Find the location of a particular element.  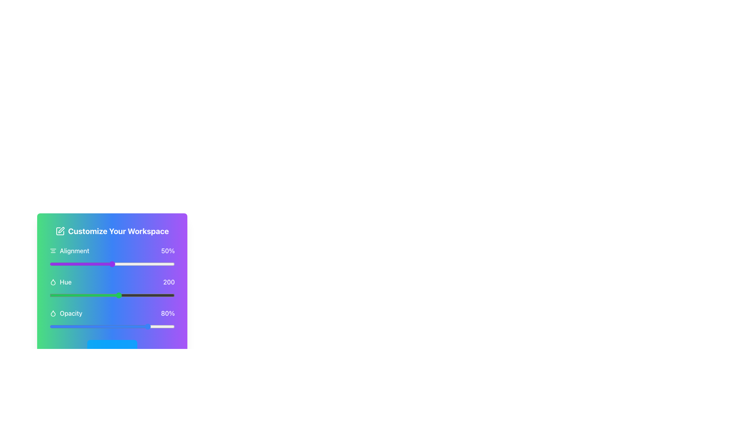

the opacity slider is located at coordinates (148, 327).